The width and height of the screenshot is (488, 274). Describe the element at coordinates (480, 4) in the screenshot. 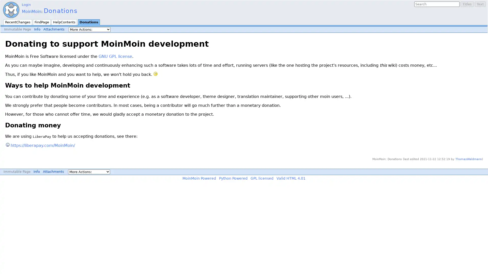

I see `Text` at that location.